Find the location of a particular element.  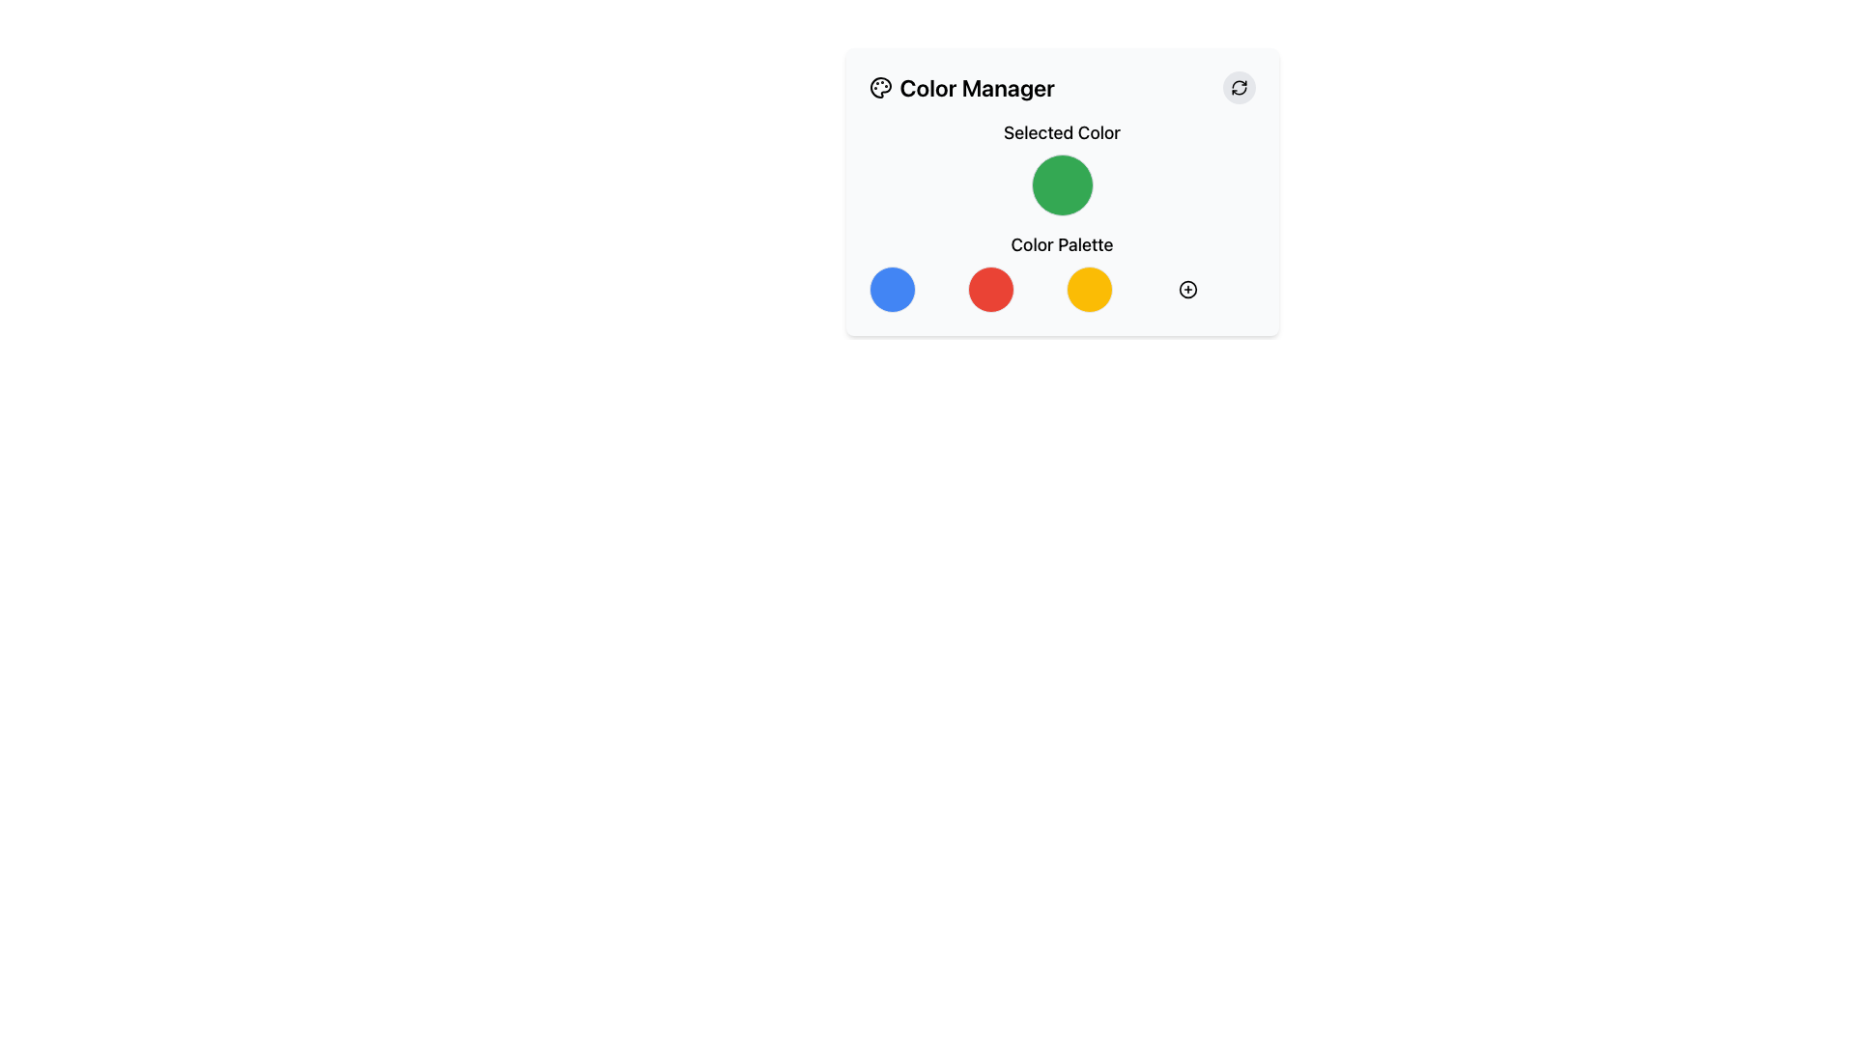

on the central circular green shape representing the selected color in the 'Selected Color' section of the color manager interface is located at coordinates (1061, 192).